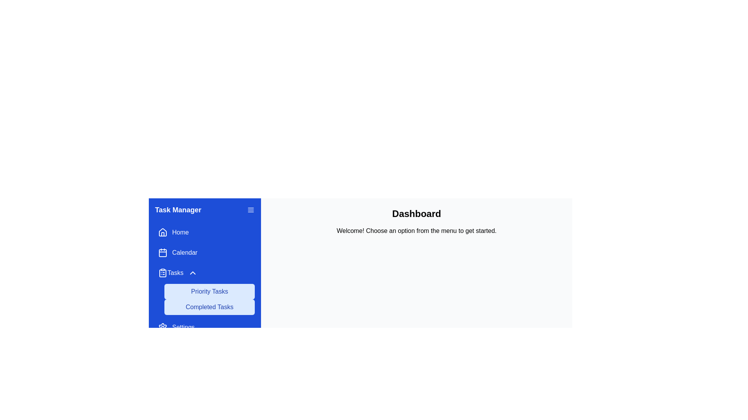  I want to click on the lower portion of the house icon in the left sidebar, which represents the 'Home' menu item under the 'Task Manager' header, so click(162, 234).